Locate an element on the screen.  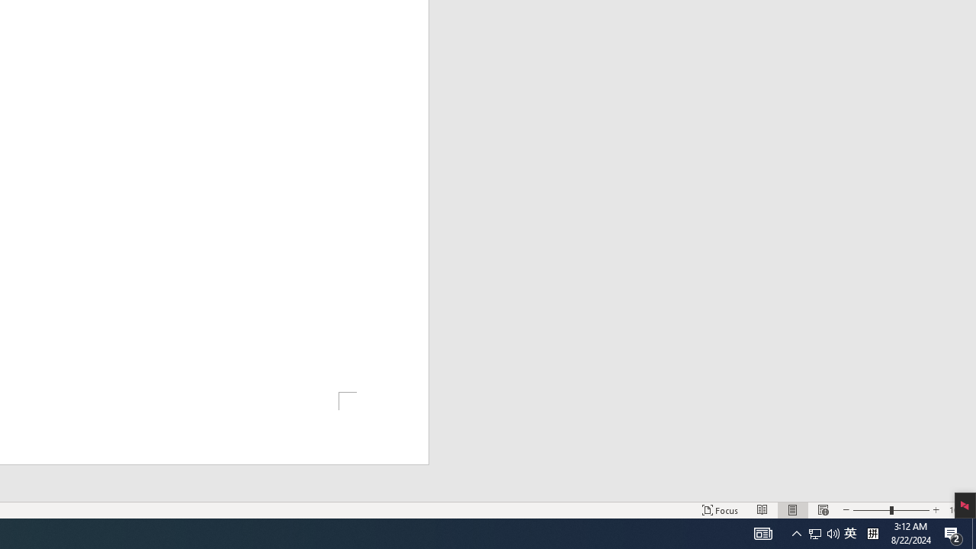
'Focus ' is located at coordinates (719, 510).